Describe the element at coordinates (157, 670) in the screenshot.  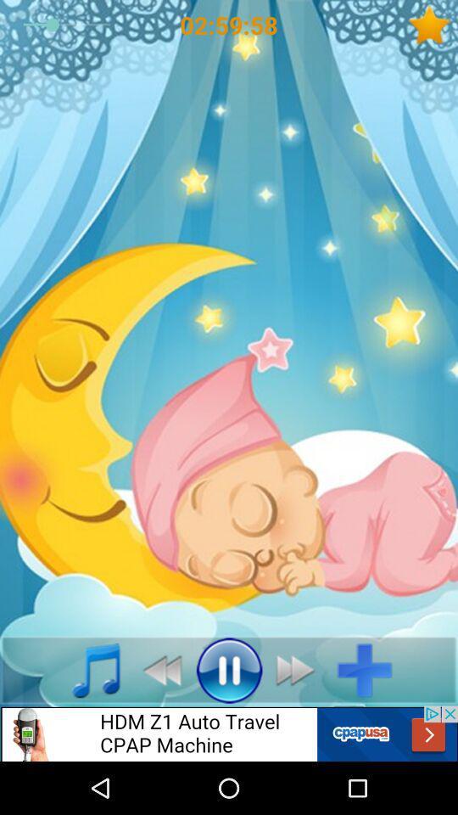
I see `go back` at that location.